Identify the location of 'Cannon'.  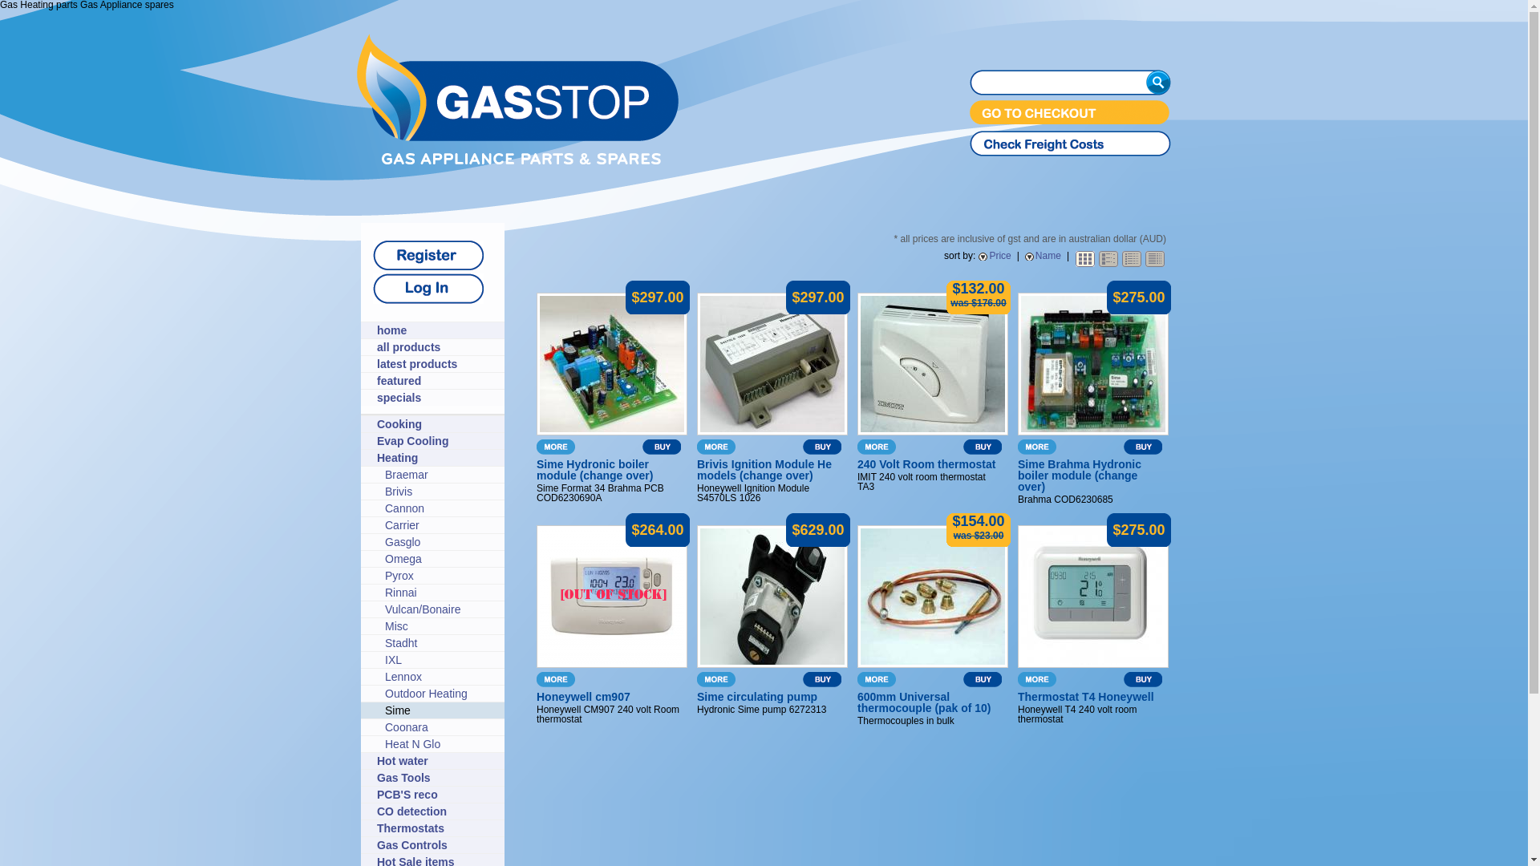
(385, 508).